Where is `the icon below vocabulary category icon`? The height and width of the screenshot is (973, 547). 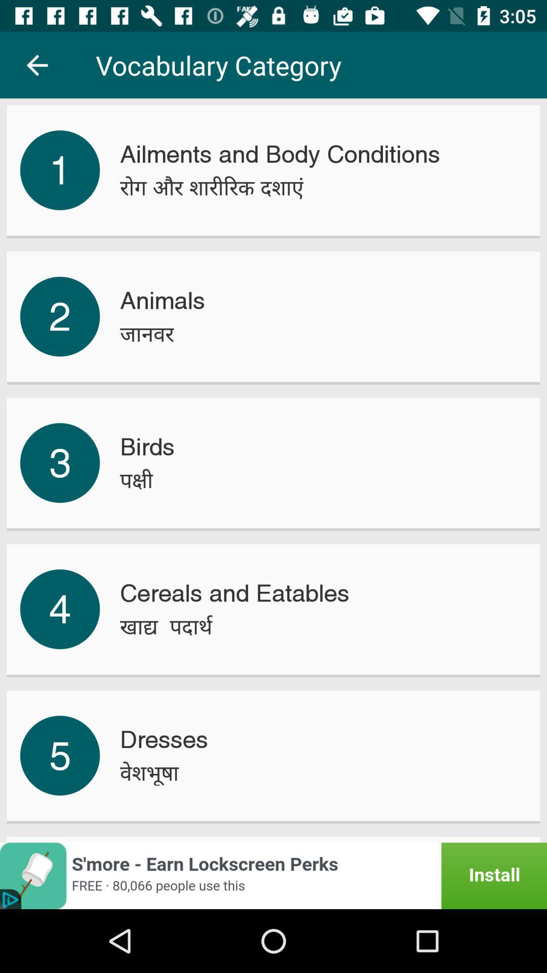
the icon below vocabulary category icon is located at coordinates (280, 154).